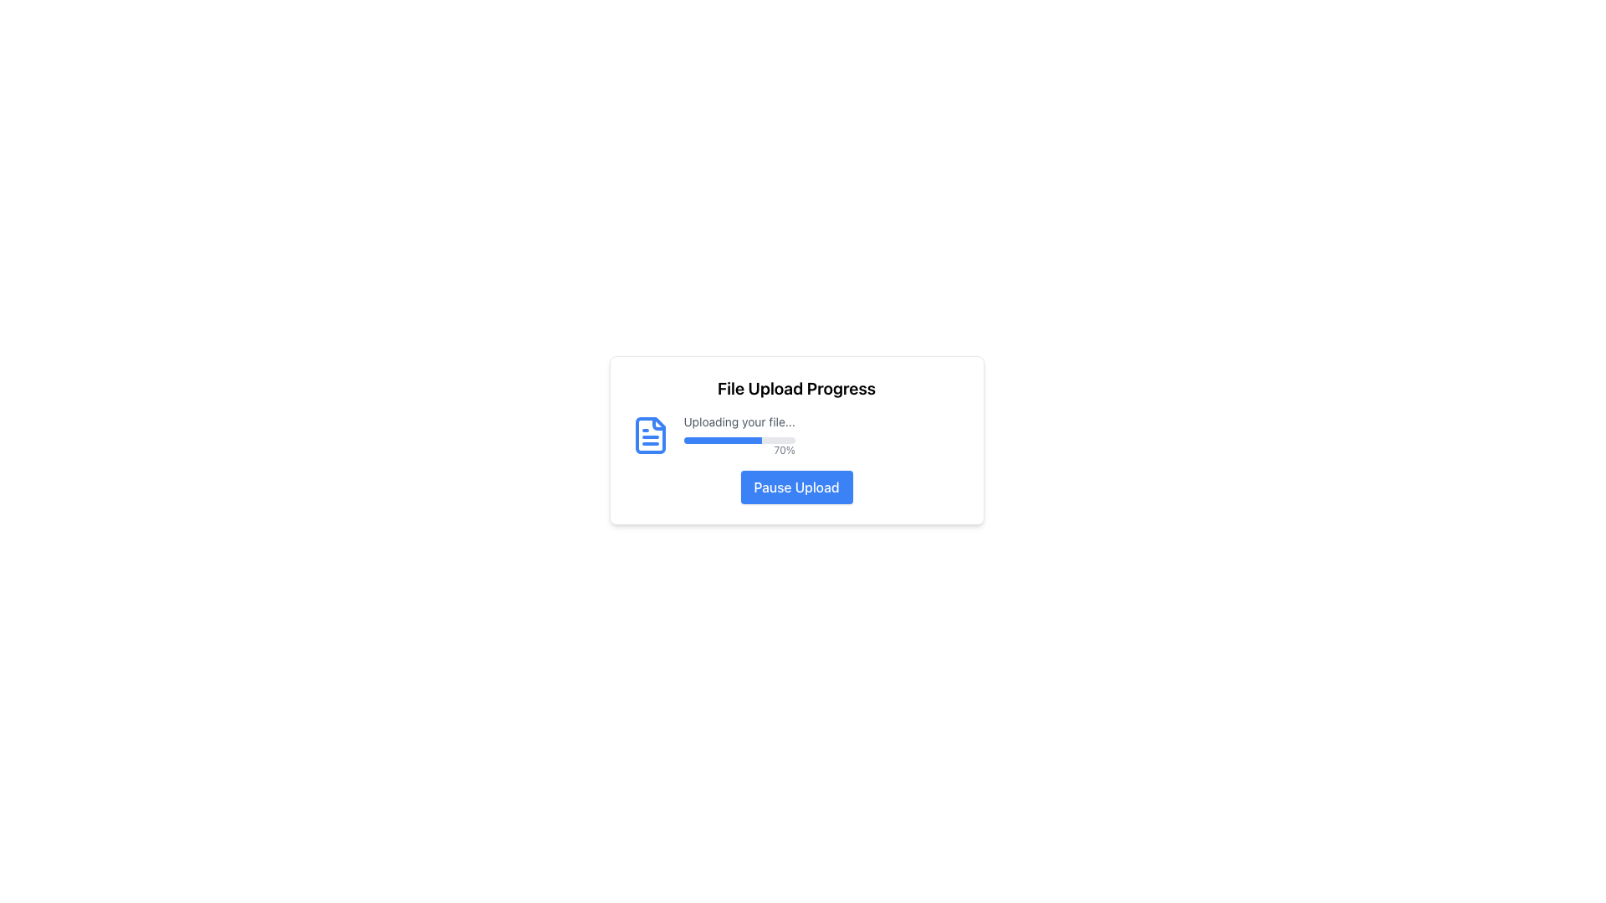  Describe the element at coordinates (649, 434) in the screenshot. I see `the icon representing the file being uploaded, located to the left of the text 'Uploading your file...' and above the progress bar in the file upload progress dialog` at that location.